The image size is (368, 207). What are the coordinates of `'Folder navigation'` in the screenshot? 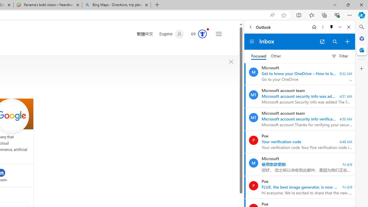 It's located at (252, 41).